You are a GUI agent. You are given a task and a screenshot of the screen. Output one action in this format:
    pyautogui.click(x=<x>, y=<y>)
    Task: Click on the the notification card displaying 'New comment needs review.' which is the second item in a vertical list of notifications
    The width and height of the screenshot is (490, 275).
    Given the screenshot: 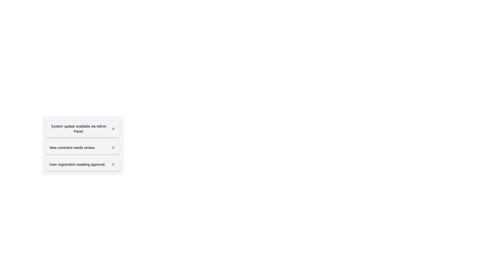 What is the action you would take?
    pyautogui.click(x=83, y=147)
    